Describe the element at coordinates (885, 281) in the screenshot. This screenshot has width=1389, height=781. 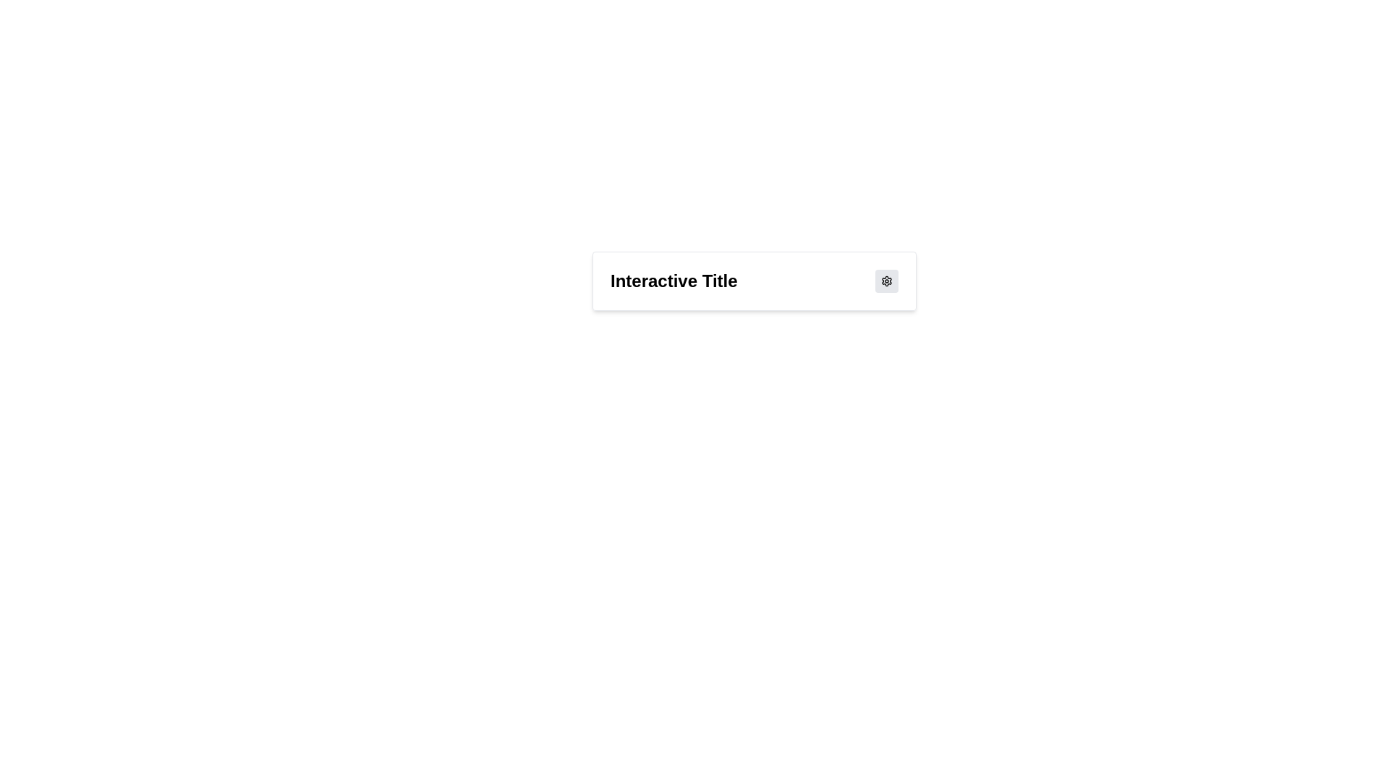
I see `the gear icon located within the rounded rectangular button on the right end of the horizontal control bar` at that location.